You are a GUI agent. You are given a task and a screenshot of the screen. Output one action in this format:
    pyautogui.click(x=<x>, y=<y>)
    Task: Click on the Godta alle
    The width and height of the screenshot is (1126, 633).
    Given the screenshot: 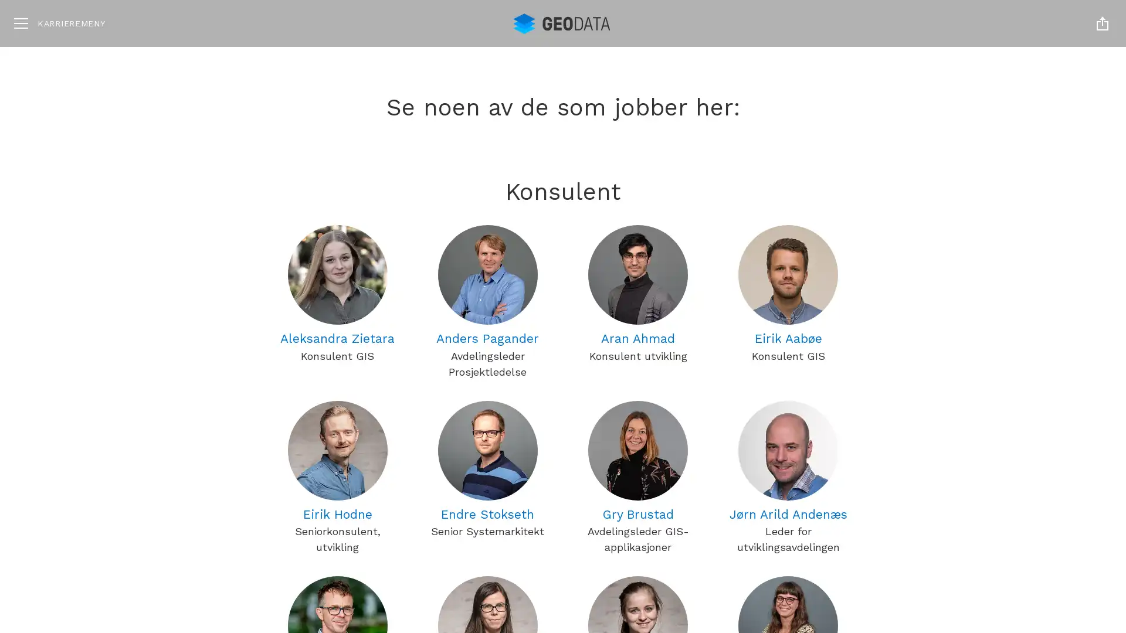 What is the action you would take?
    pyautogui.click(x=992, y=499)
    